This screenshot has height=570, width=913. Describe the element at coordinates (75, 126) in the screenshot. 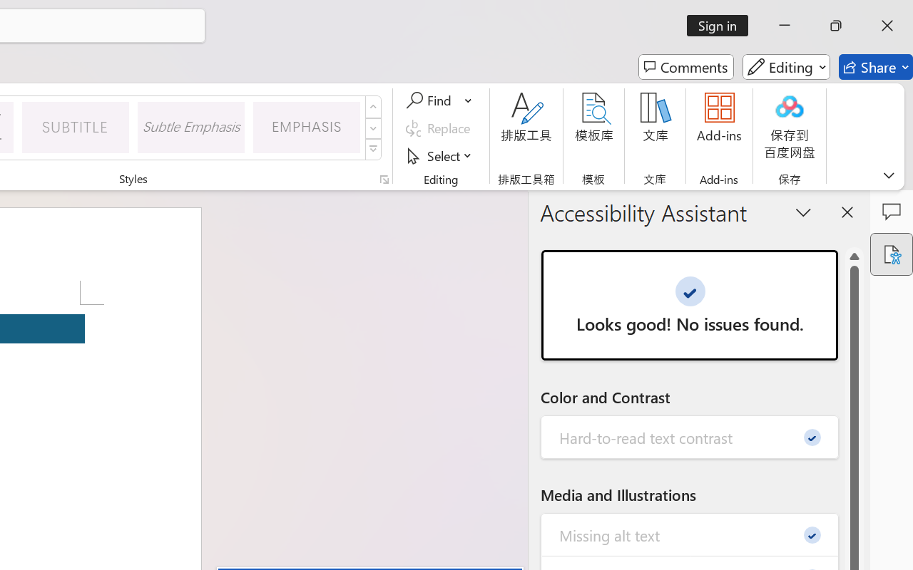

I see `'Subtitle'` at that location.